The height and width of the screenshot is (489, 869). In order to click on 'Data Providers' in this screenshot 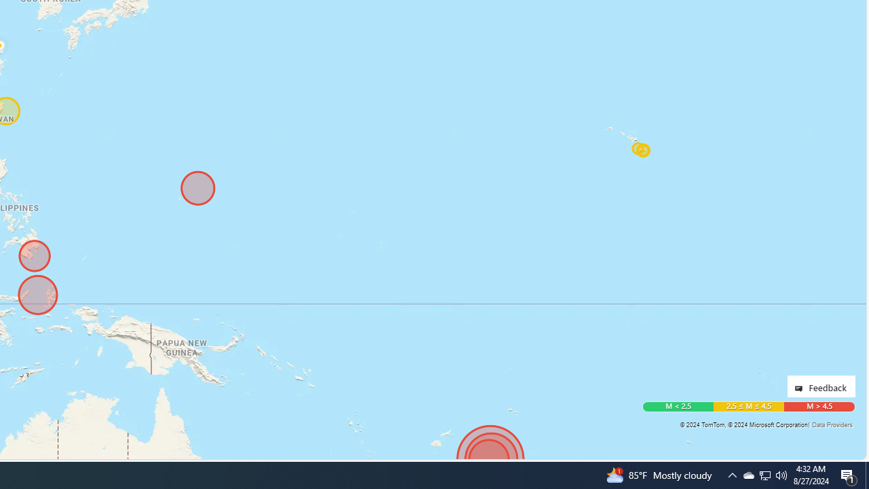, I will do `click(831, 424)`.